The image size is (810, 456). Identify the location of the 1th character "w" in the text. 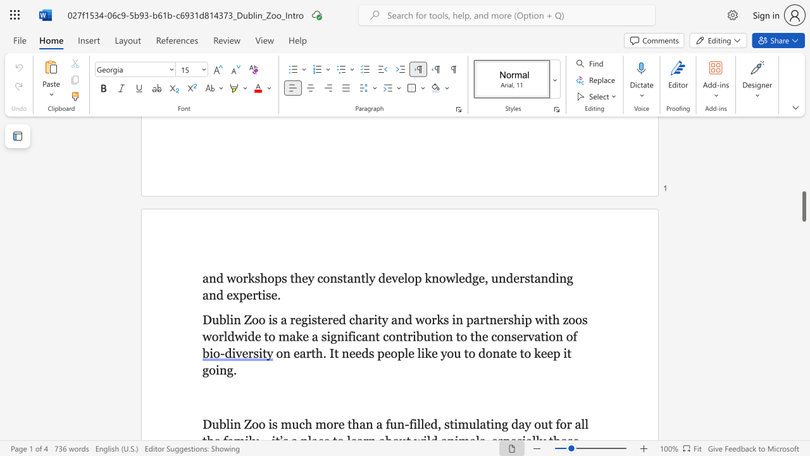
(231, 277).